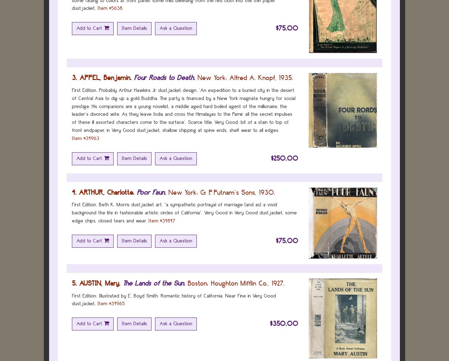  Describe the element at coordinates (79, 192) in the screenshot. I see `'ARTHUR, Charlotte.'` at that location.